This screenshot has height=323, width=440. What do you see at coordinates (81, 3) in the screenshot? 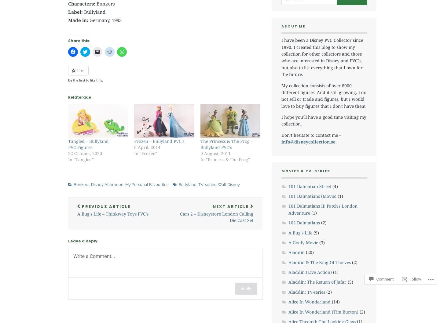
I see `'Characters:'` at bounding box center [81, 3].